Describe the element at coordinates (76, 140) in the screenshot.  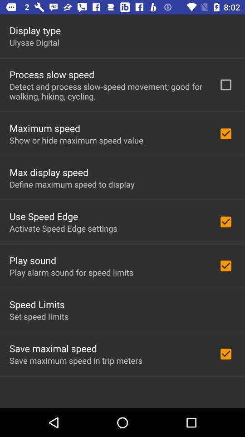
I see `show or hide item` at that location.